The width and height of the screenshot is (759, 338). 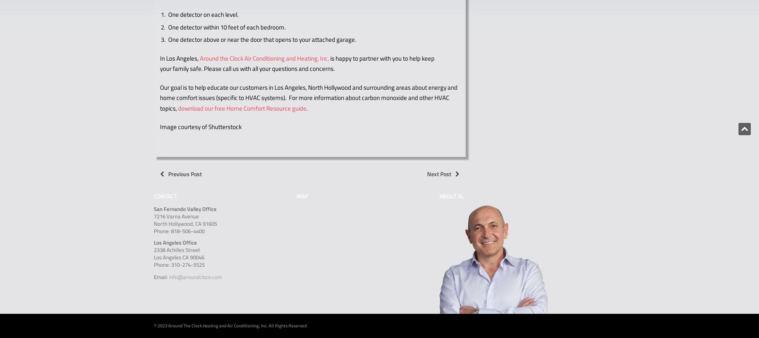 What do you see at coordinates (242, 107) in the screenshot?
I see `'download our free Home Comfort Resource guide'` at bounding box center [242, 107].